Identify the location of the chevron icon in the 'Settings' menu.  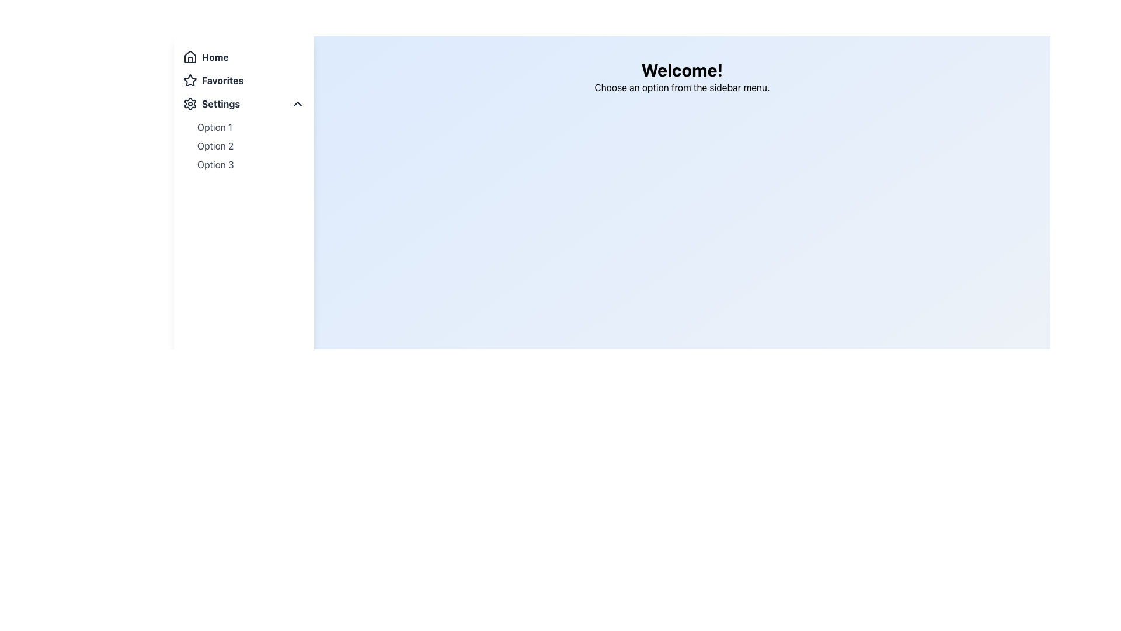
(297, 103).